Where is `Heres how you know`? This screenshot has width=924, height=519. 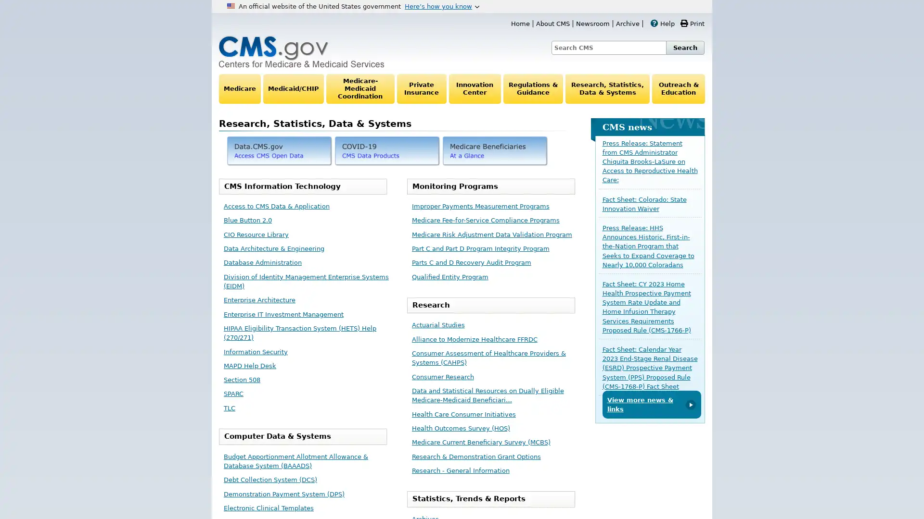
Heres how you know is located at coordinates (441, 6).